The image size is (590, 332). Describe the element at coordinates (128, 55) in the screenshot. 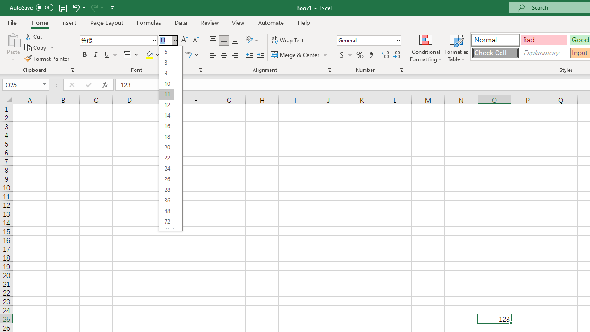

I see `'Bottom Border'` at that location.